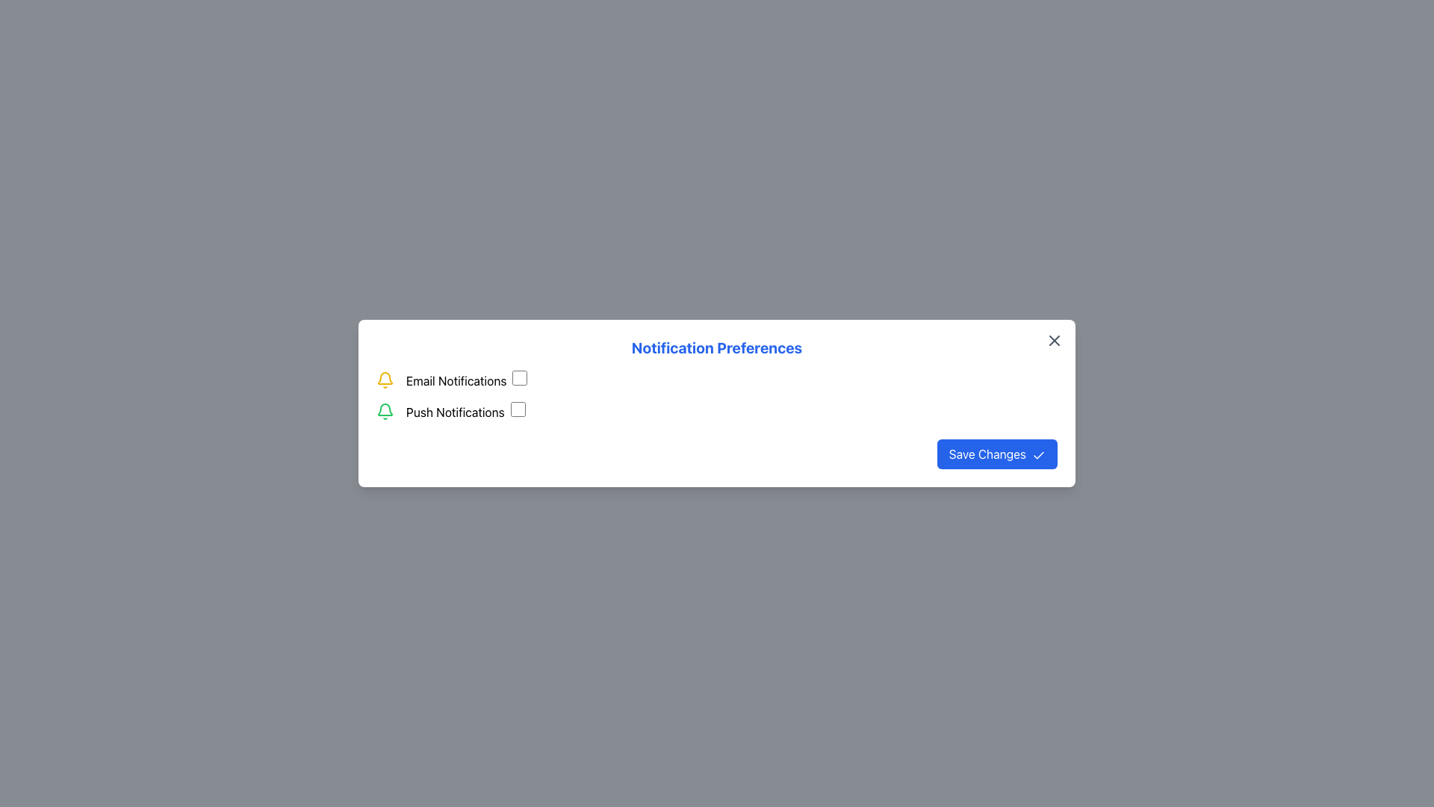 The image size is (1434, 807). I want to click on the close button icon located in the top-right corner of the notification preferences modal, so click(1053, 340).